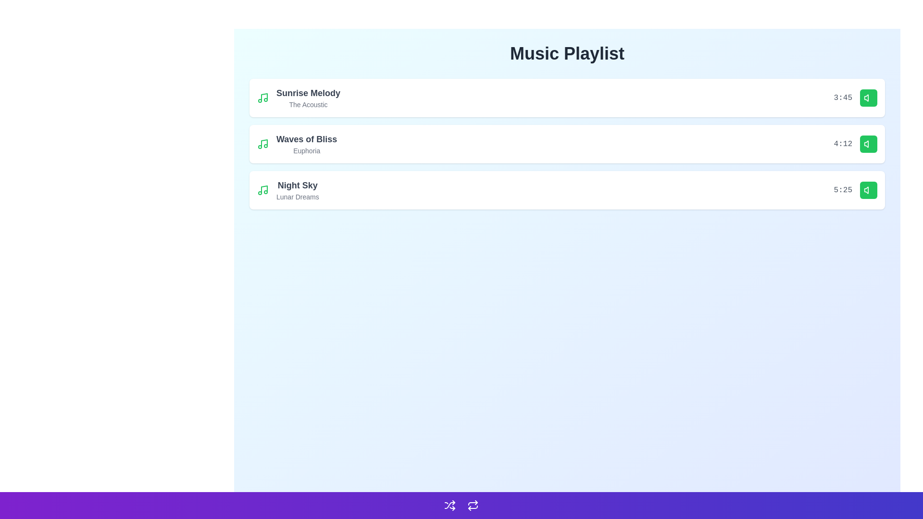 The height and width of the screenshot is (519, 923). Describe the element at coordinates (855, 98) in the screenshot. I see `the displayed time text '3:45' styled in gray, located within the first song entry card in the playlist interface, to the left of a green button with a speaker icon` at that location.